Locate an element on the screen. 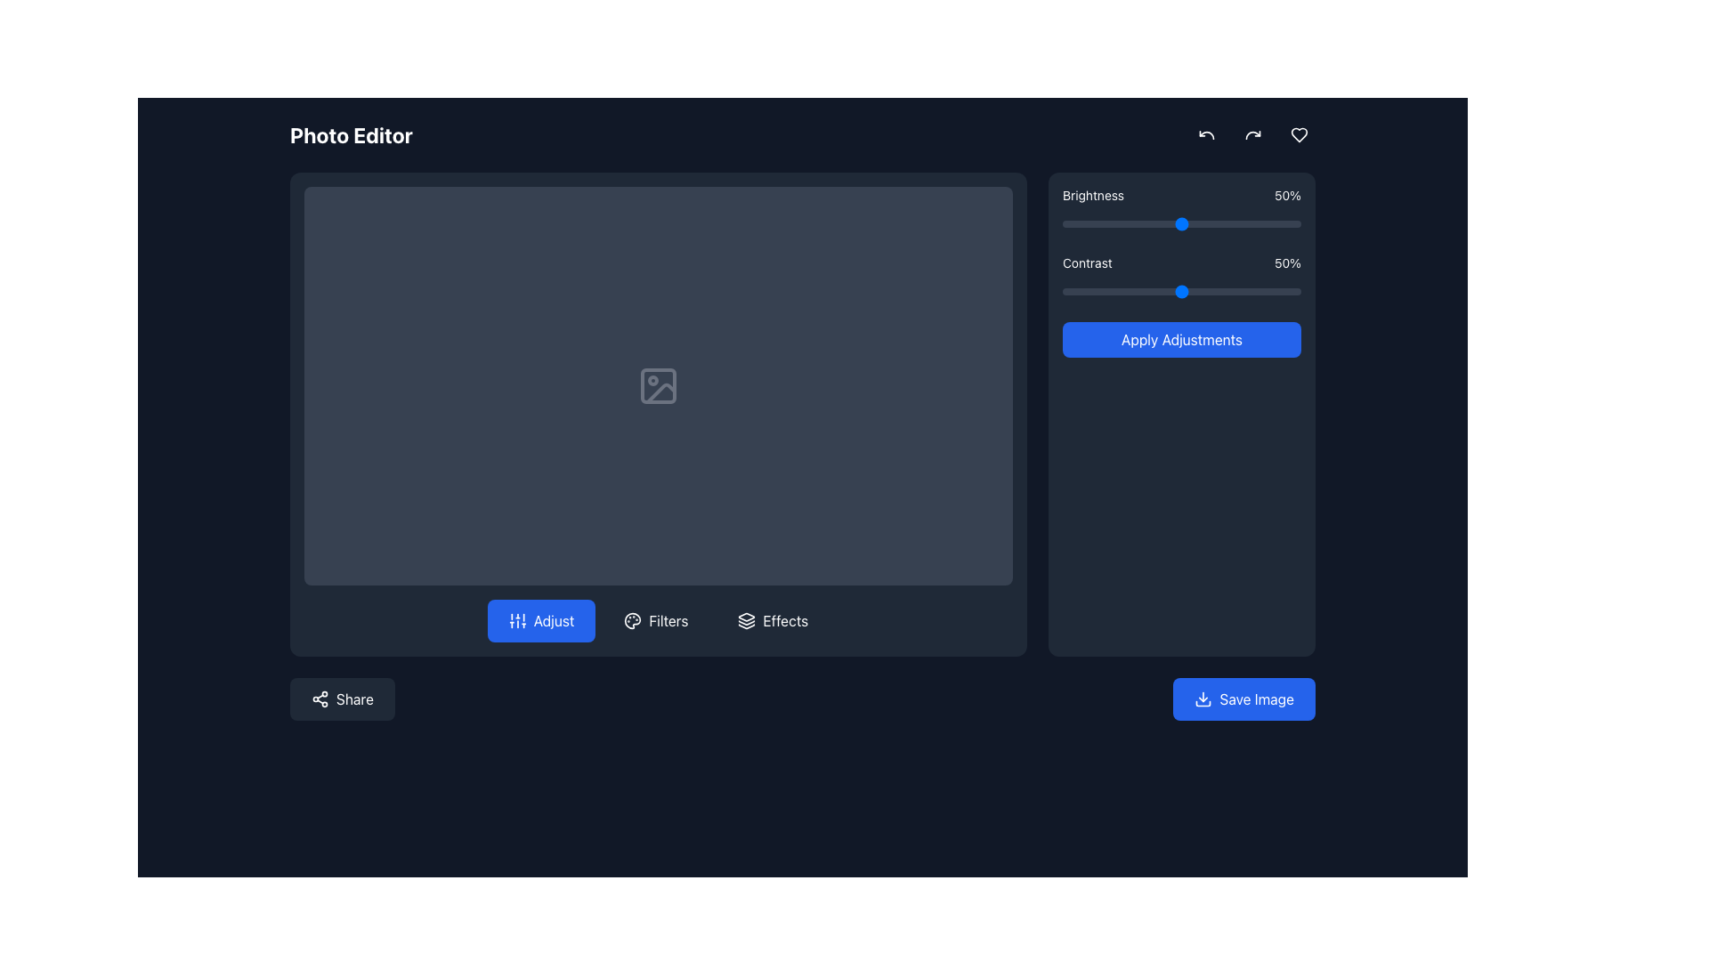 The height and width of the screenshot is (961, 1709). the contrast is located at coordinates (1257, 290).